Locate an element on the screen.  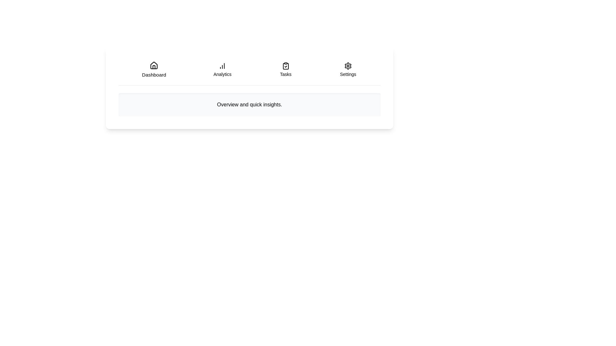
the gear-shaped settings icon located is located at coordinates (347, 66).